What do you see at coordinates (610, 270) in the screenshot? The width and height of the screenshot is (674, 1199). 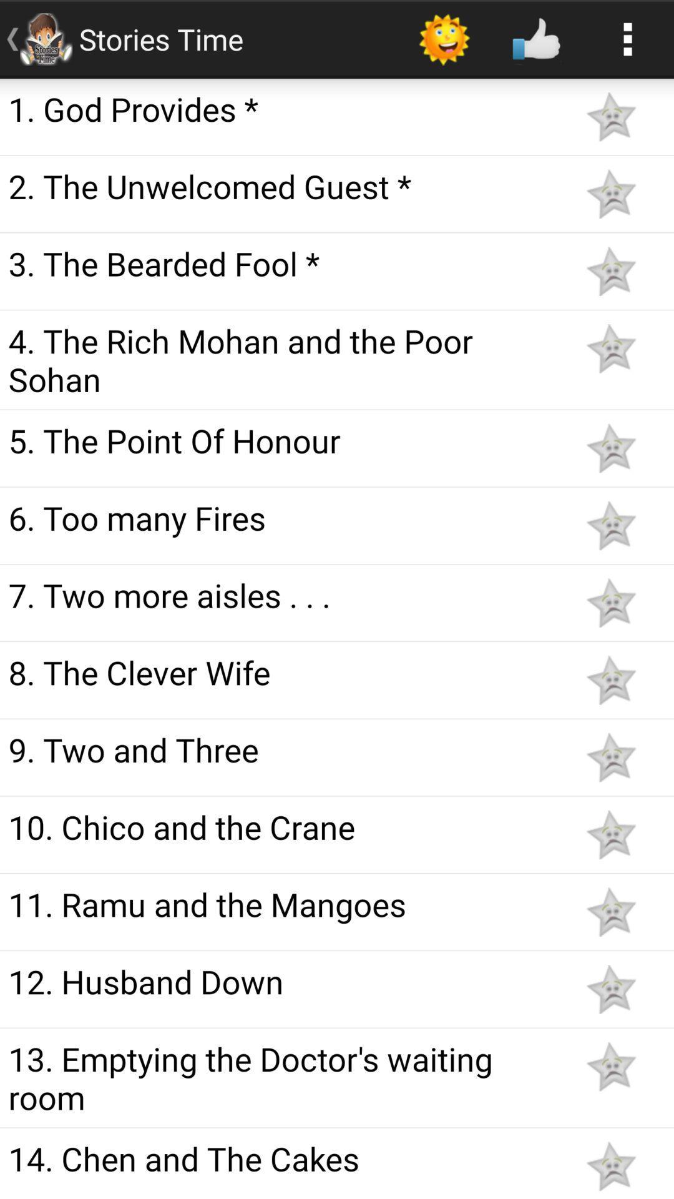 I see `favorite` at bounding box center [610, 270].